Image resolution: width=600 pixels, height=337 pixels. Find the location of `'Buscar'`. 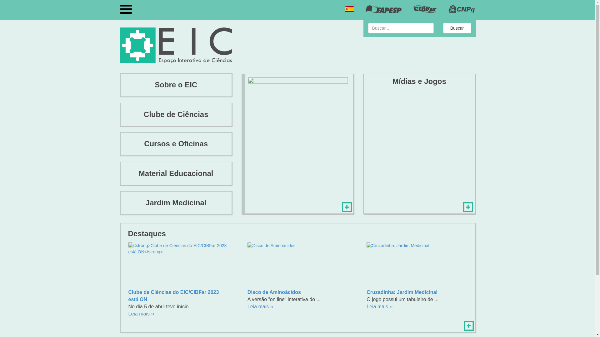

'Buscar' is located at coordinates (457, 27).